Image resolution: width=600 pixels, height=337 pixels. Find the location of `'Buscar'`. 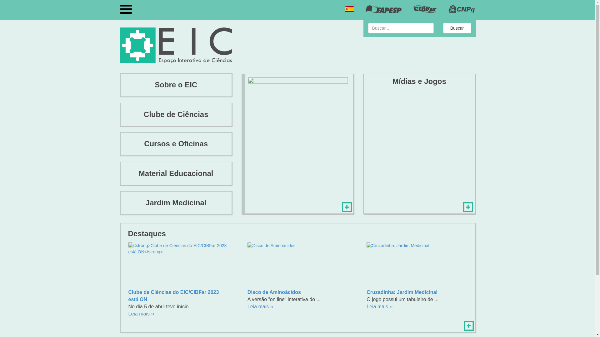

'Buscar' is located at coordinates (457, 27).